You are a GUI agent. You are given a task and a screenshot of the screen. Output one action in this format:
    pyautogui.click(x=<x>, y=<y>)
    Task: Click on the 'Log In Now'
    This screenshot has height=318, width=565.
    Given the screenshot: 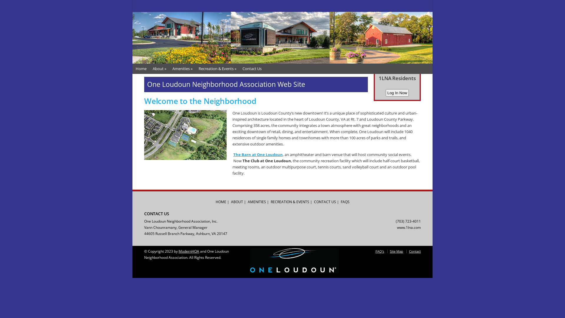 What is the action you would take?
    pyautogui.click(x=397, y=93)
    